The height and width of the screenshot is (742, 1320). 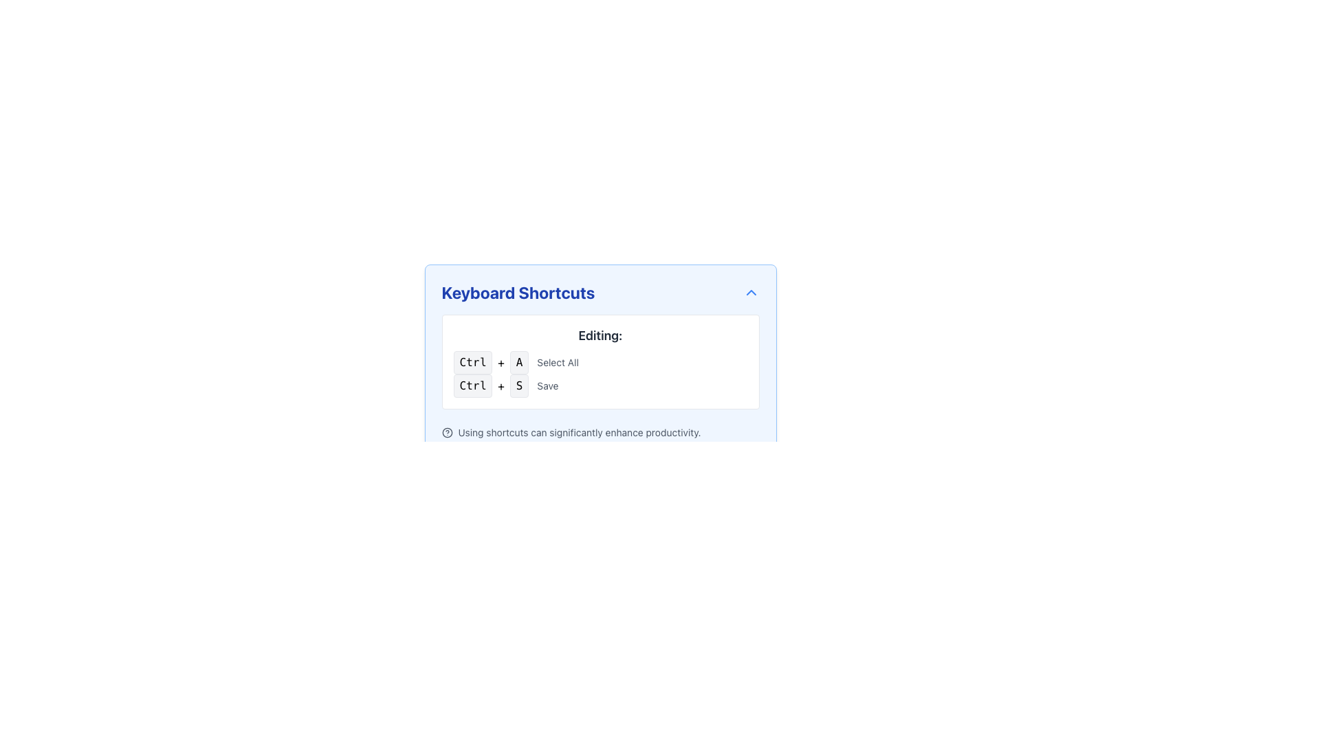 I want to click on the text label displaying 'Editing:' which is bold and dark gray, located at the top of the 'Keyboard Shortcuts' panel, so click(x=600, y=336).